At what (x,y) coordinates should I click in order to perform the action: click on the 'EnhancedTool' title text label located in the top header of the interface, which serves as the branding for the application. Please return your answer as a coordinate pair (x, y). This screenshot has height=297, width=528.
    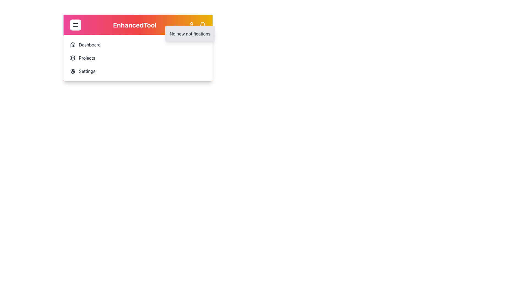
    Looking at the image, I should click on (138, 25).